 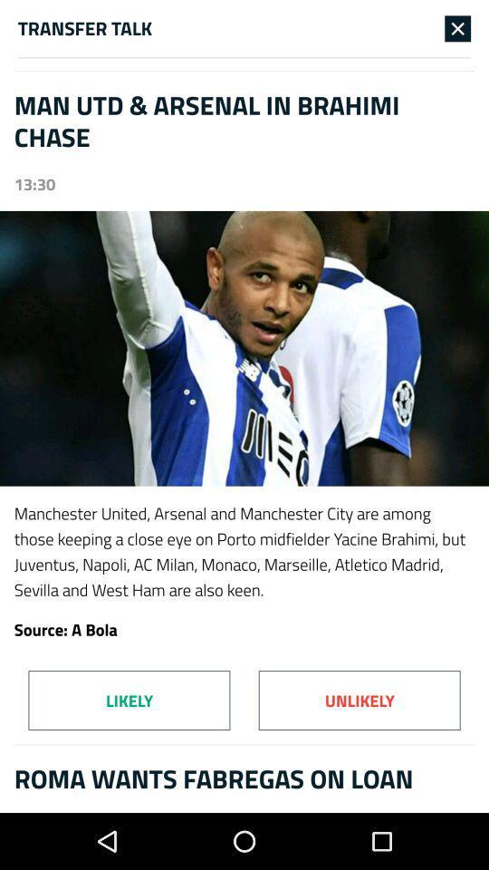 What do you see at coordinates (360, 700) in the screenshot?
I see `item next to the likely` at bounding box center [360, 700].